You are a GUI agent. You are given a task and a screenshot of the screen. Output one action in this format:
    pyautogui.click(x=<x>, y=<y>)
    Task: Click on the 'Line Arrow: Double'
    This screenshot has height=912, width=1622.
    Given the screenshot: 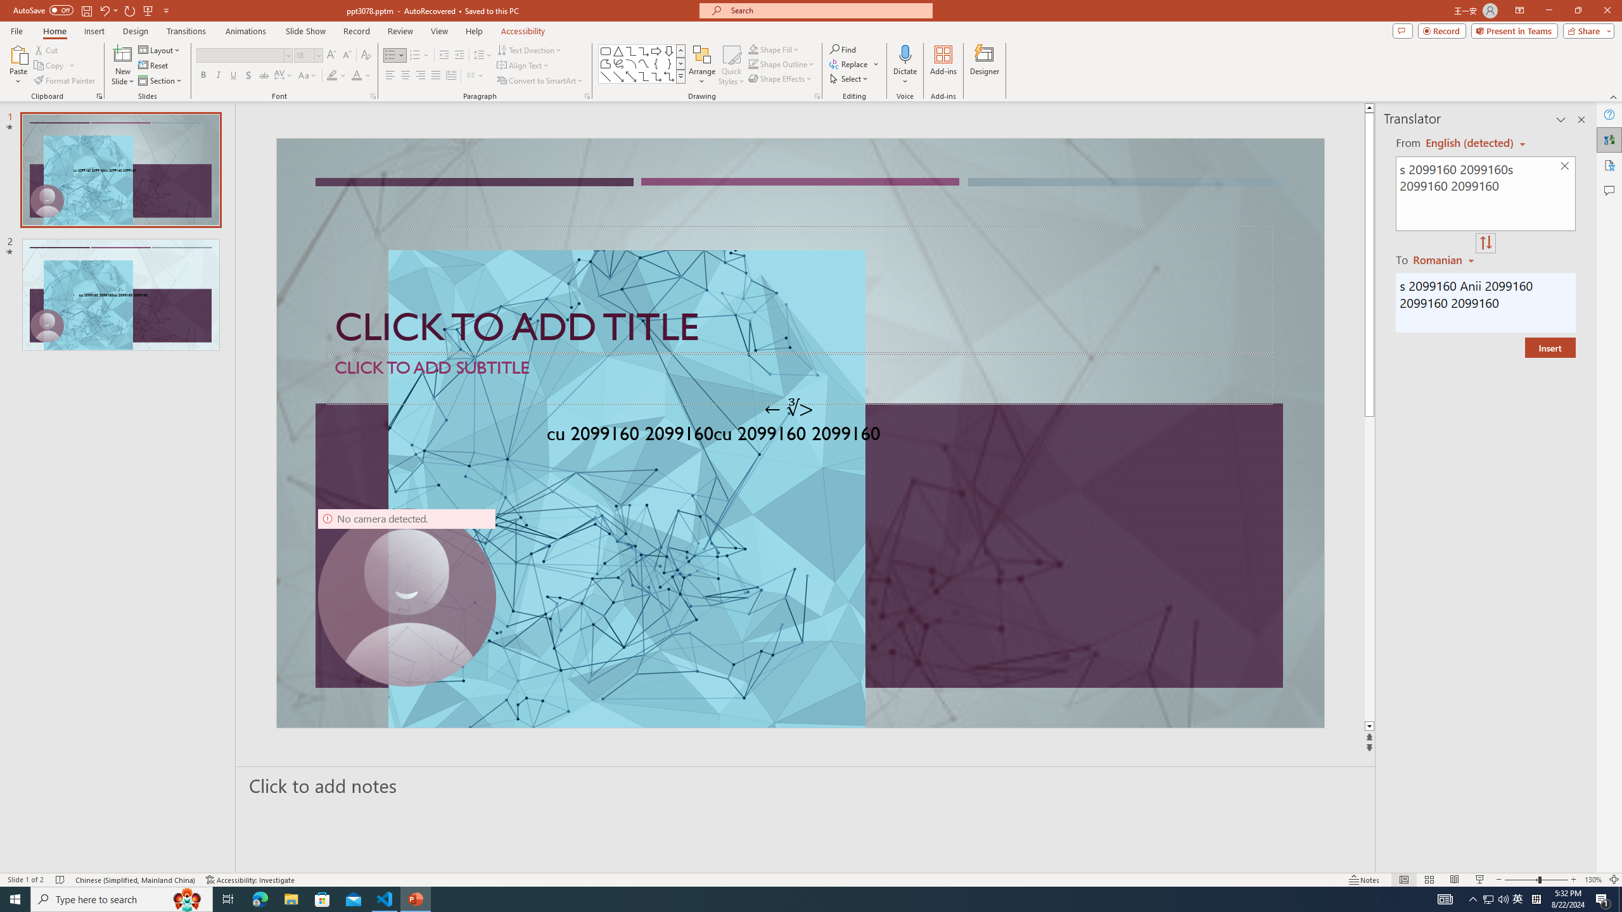 What is the action you would take?
    pyautogui.click(x=630, y=75)
    